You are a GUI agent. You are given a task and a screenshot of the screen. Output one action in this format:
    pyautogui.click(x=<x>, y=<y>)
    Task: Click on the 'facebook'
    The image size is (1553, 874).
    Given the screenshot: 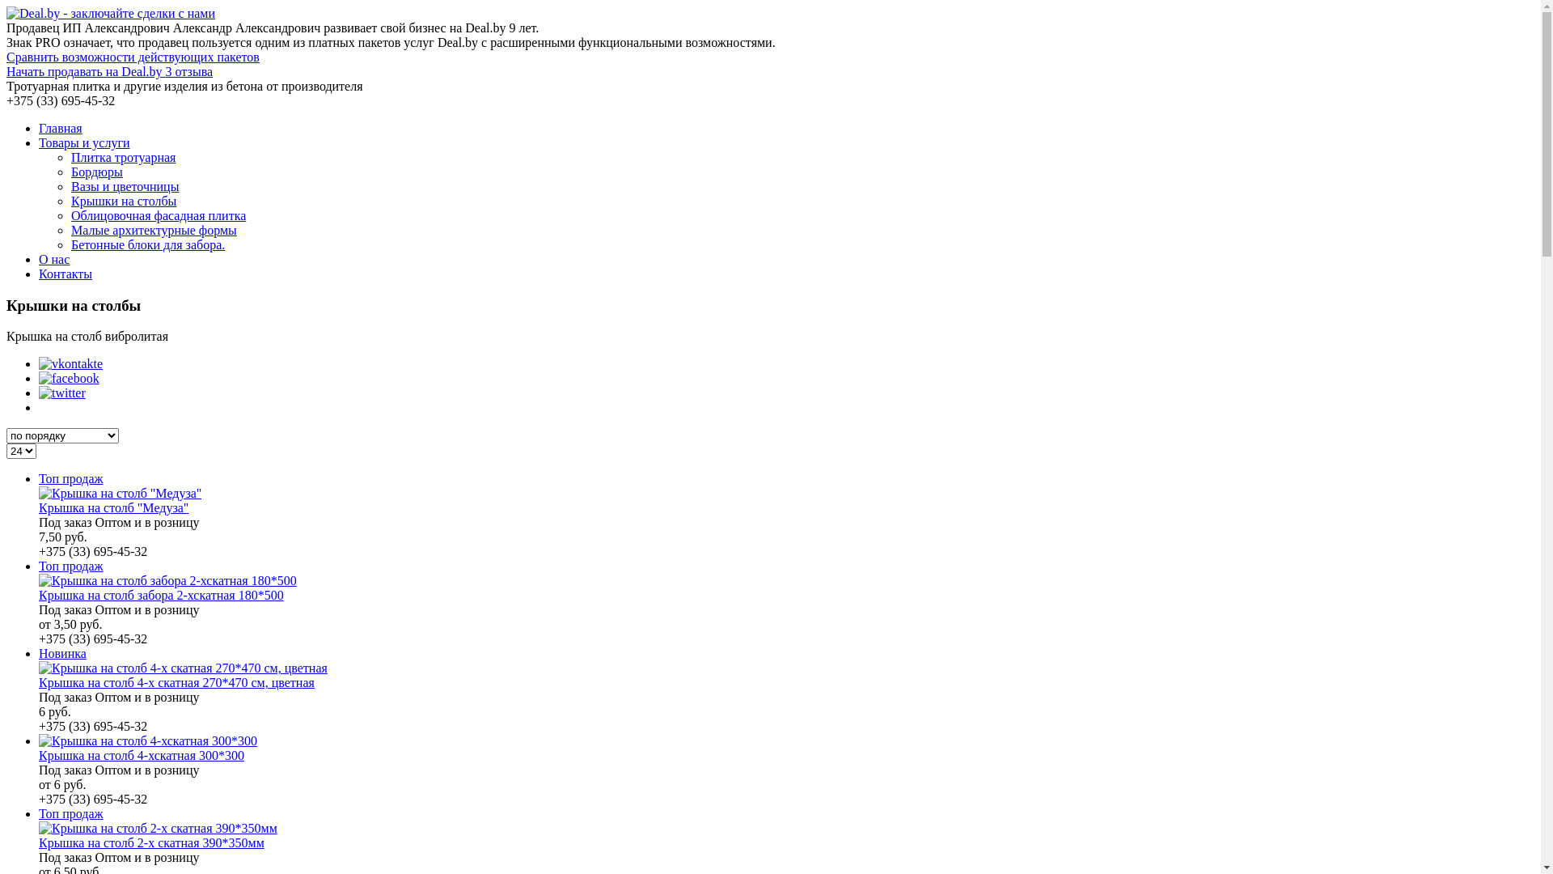 What is the action you would take?
    pyautogui.click(x=39, y=378)
    